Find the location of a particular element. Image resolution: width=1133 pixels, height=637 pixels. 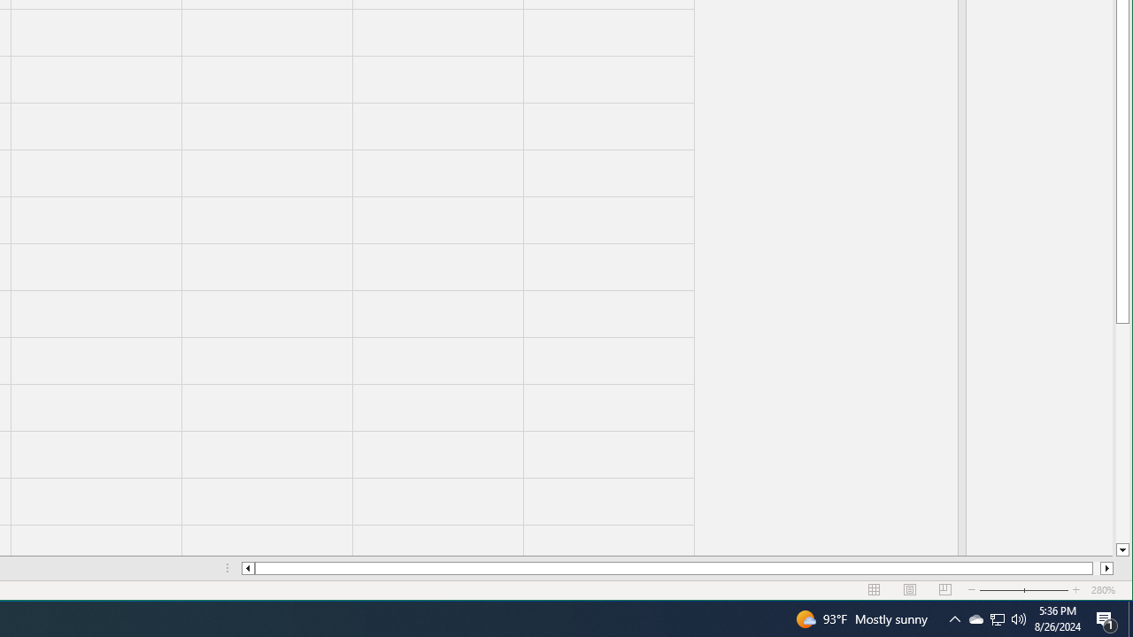

'Page down' is located at coordinates (1121, 433).